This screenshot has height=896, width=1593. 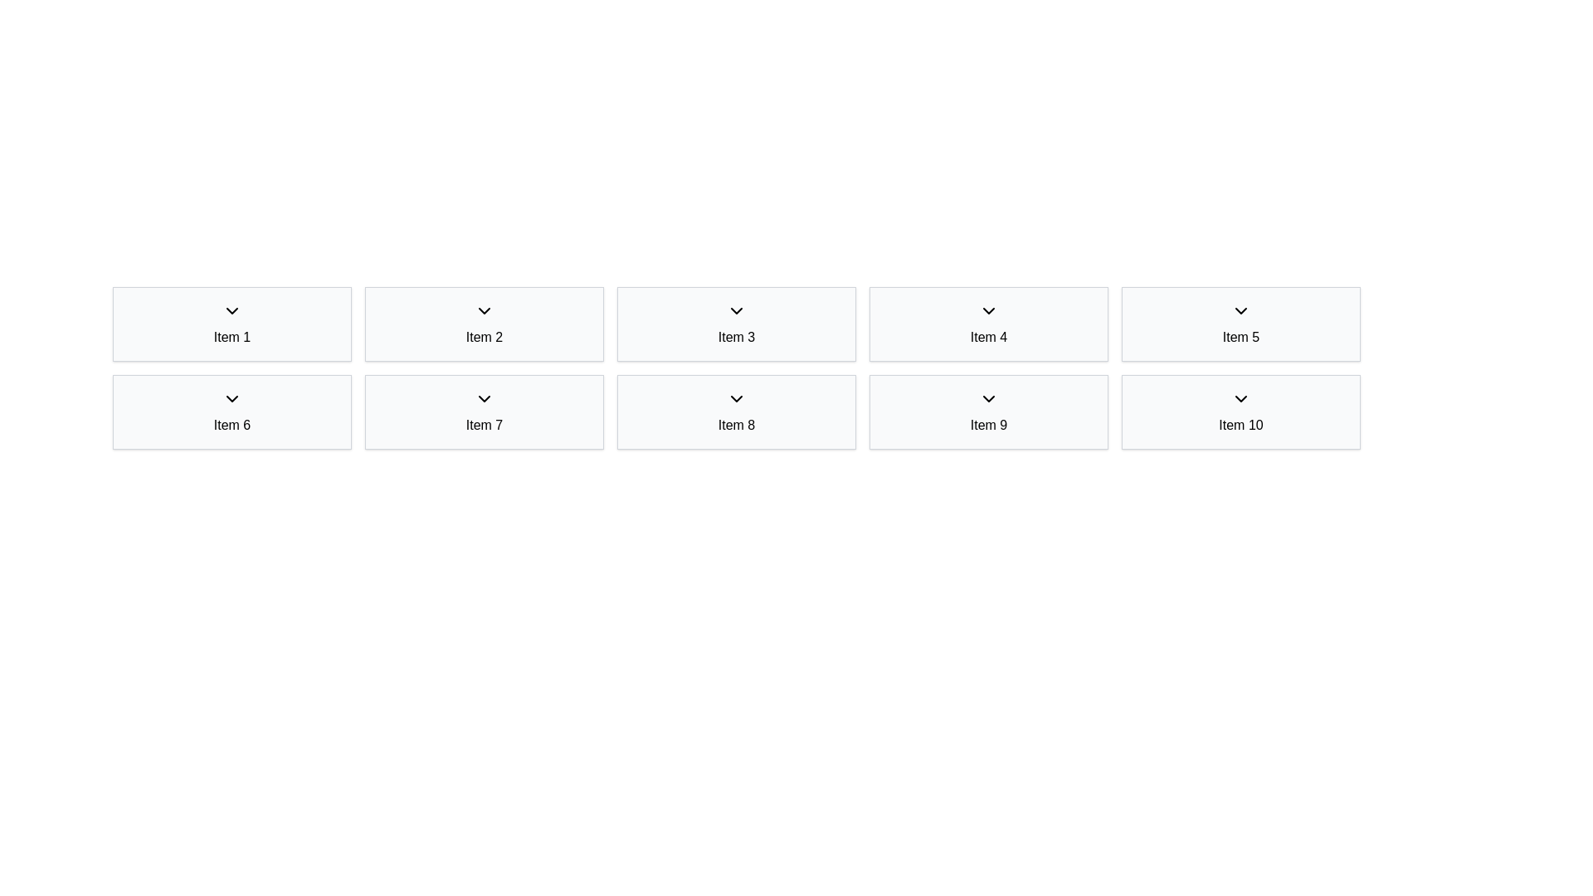 I want to click on white rectangular card labeled 'Item 10' with a downward arrow icon, located in the second row, fifth column of a 2-row grid layout, so click(x=1241, y=411).